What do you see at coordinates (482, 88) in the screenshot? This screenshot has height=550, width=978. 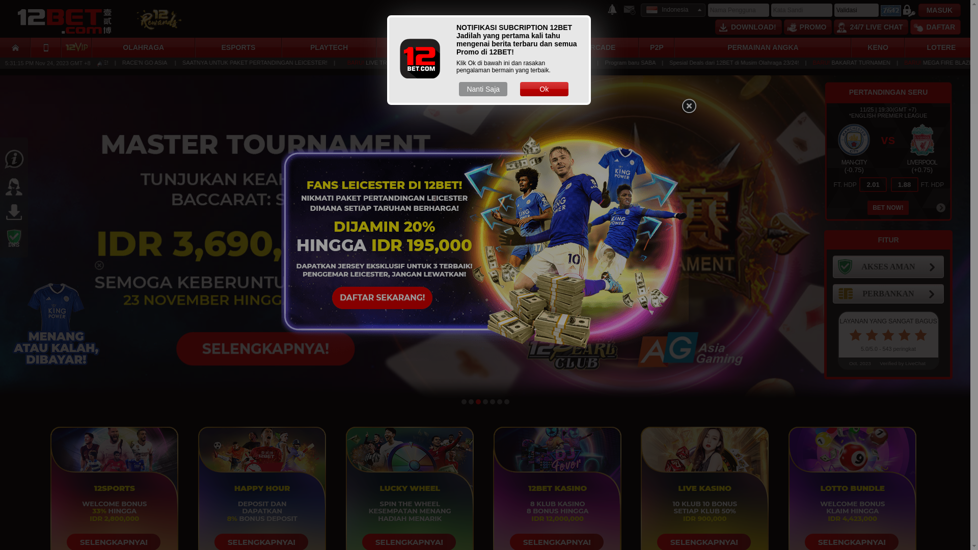 I see `'Nanti Saja'` at bounding box center [482, 88].